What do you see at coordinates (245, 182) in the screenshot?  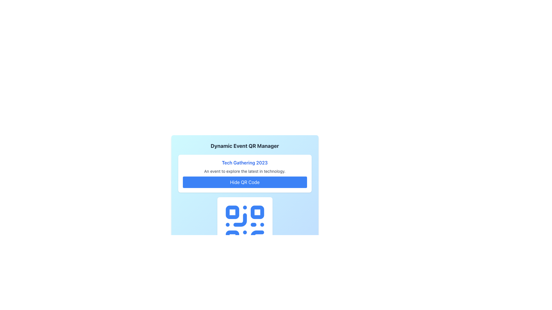 I see `the third button below the text 'An event` at bounding box center [245, 182].